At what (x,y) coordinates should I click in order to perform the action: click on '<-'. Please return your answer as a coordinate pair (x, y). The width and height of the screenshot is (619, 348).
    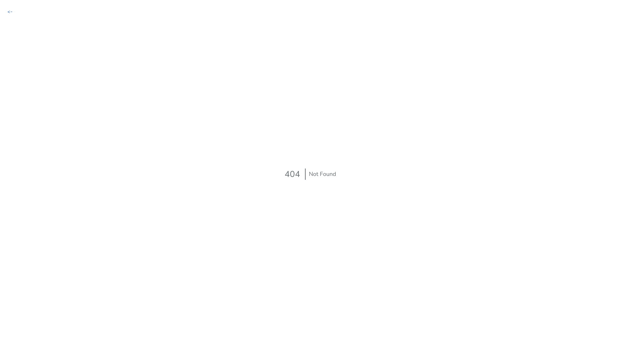
    Looking at the image, I should click on (7, 11).